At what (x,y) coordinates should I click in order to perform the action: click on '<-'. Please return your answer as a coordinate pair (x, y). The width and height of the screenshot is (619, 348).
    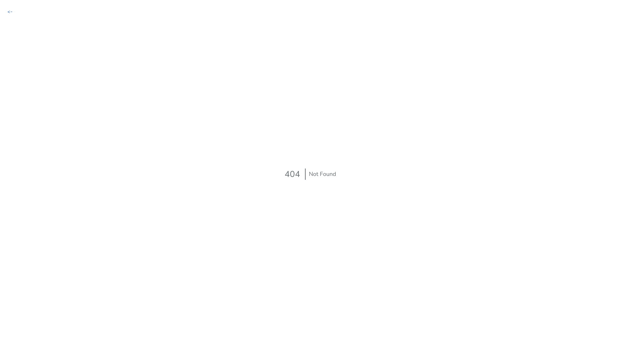
    Looking at the image, I should click on (7, 11).